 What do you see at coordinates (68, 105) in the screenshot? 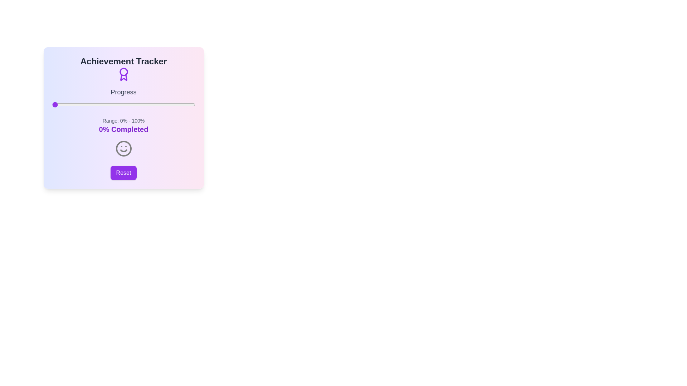
I see `the progress slider to 11%` at bounding box center [68, 105].